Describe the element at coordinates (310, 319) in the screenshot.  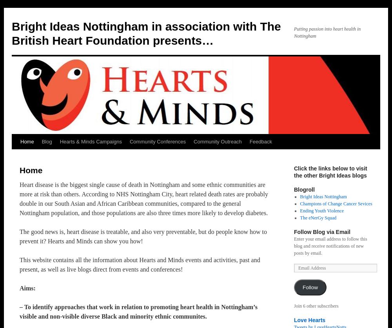
I see `'Love Hearts'` at that location.